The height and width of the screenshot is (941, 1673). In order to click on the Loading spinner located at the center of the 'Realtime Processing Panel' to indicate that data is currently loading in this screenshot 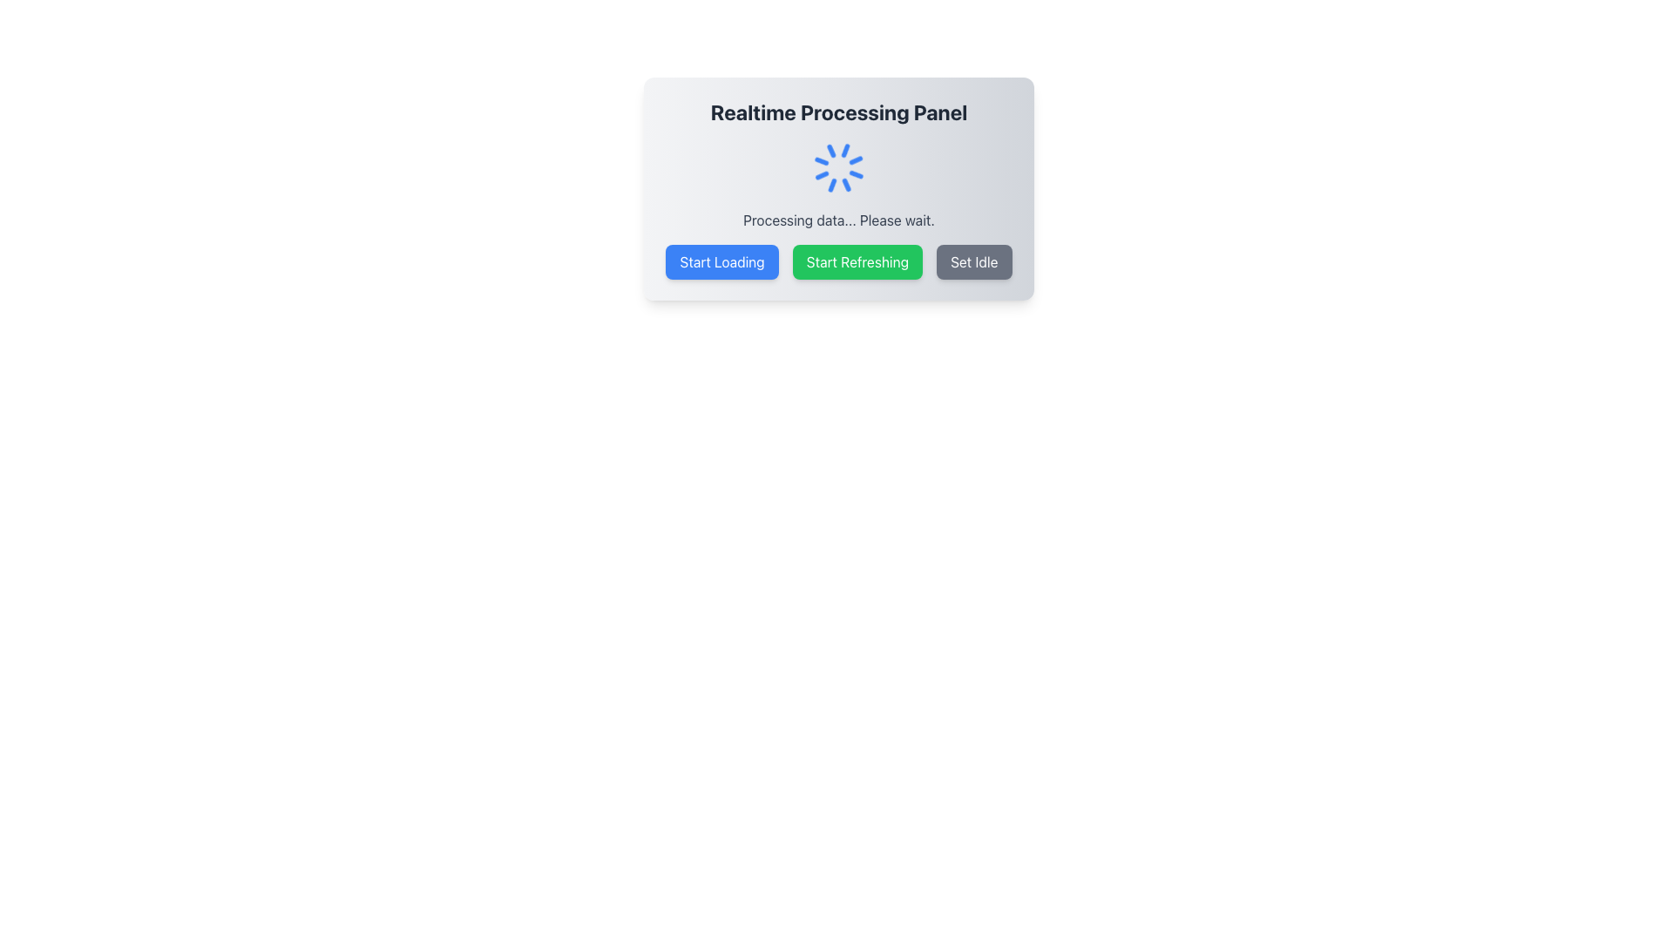, I will do `click(839, 167)`.